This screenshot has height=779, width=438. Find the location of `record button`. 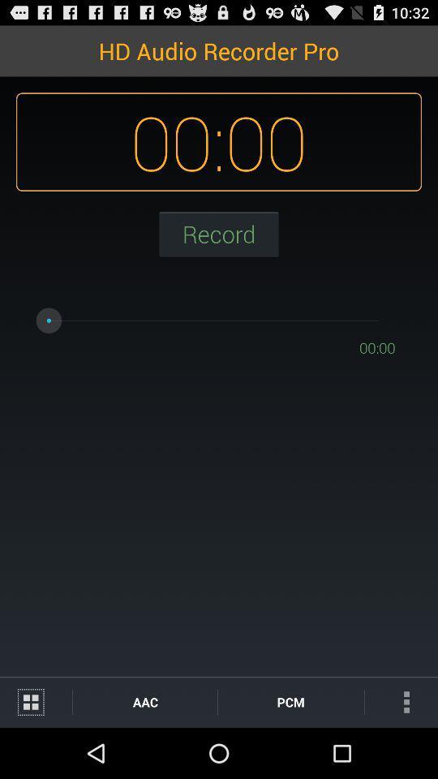

record button is located at coordinates (219, 233).